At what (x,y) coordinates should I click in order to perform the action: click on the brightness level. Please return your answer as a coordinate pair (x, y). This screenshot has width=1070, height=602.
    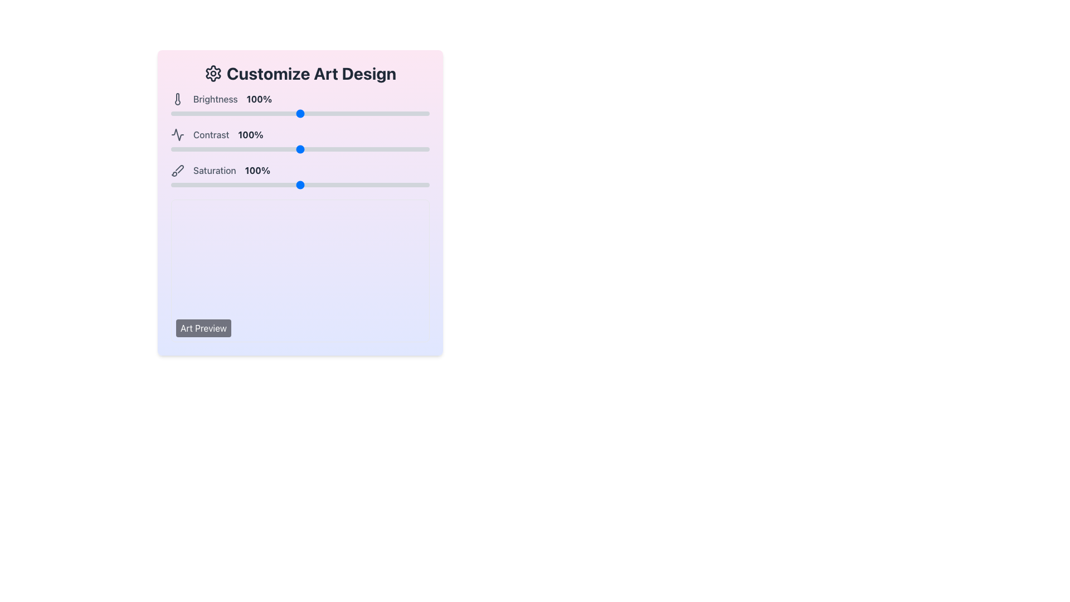
    Looking at the image, I should click on (402, 114).